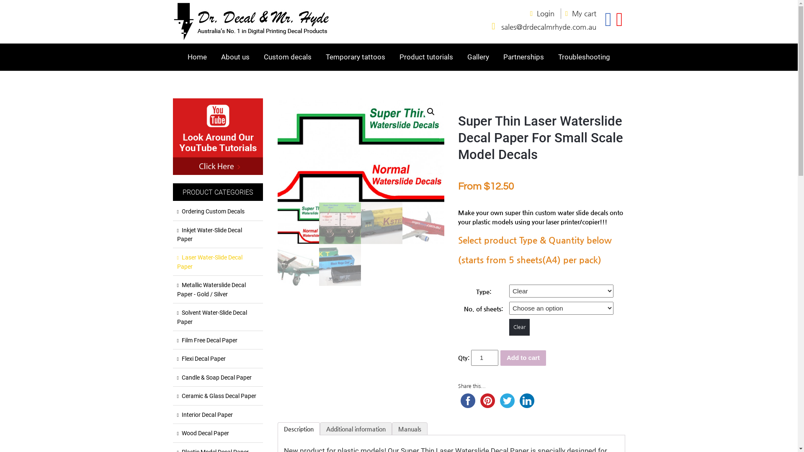  What do you see at coordinates (217, 358) in the screenshot?
I see `'Flexi Decal Paper'` at bounding box center [217, 358].